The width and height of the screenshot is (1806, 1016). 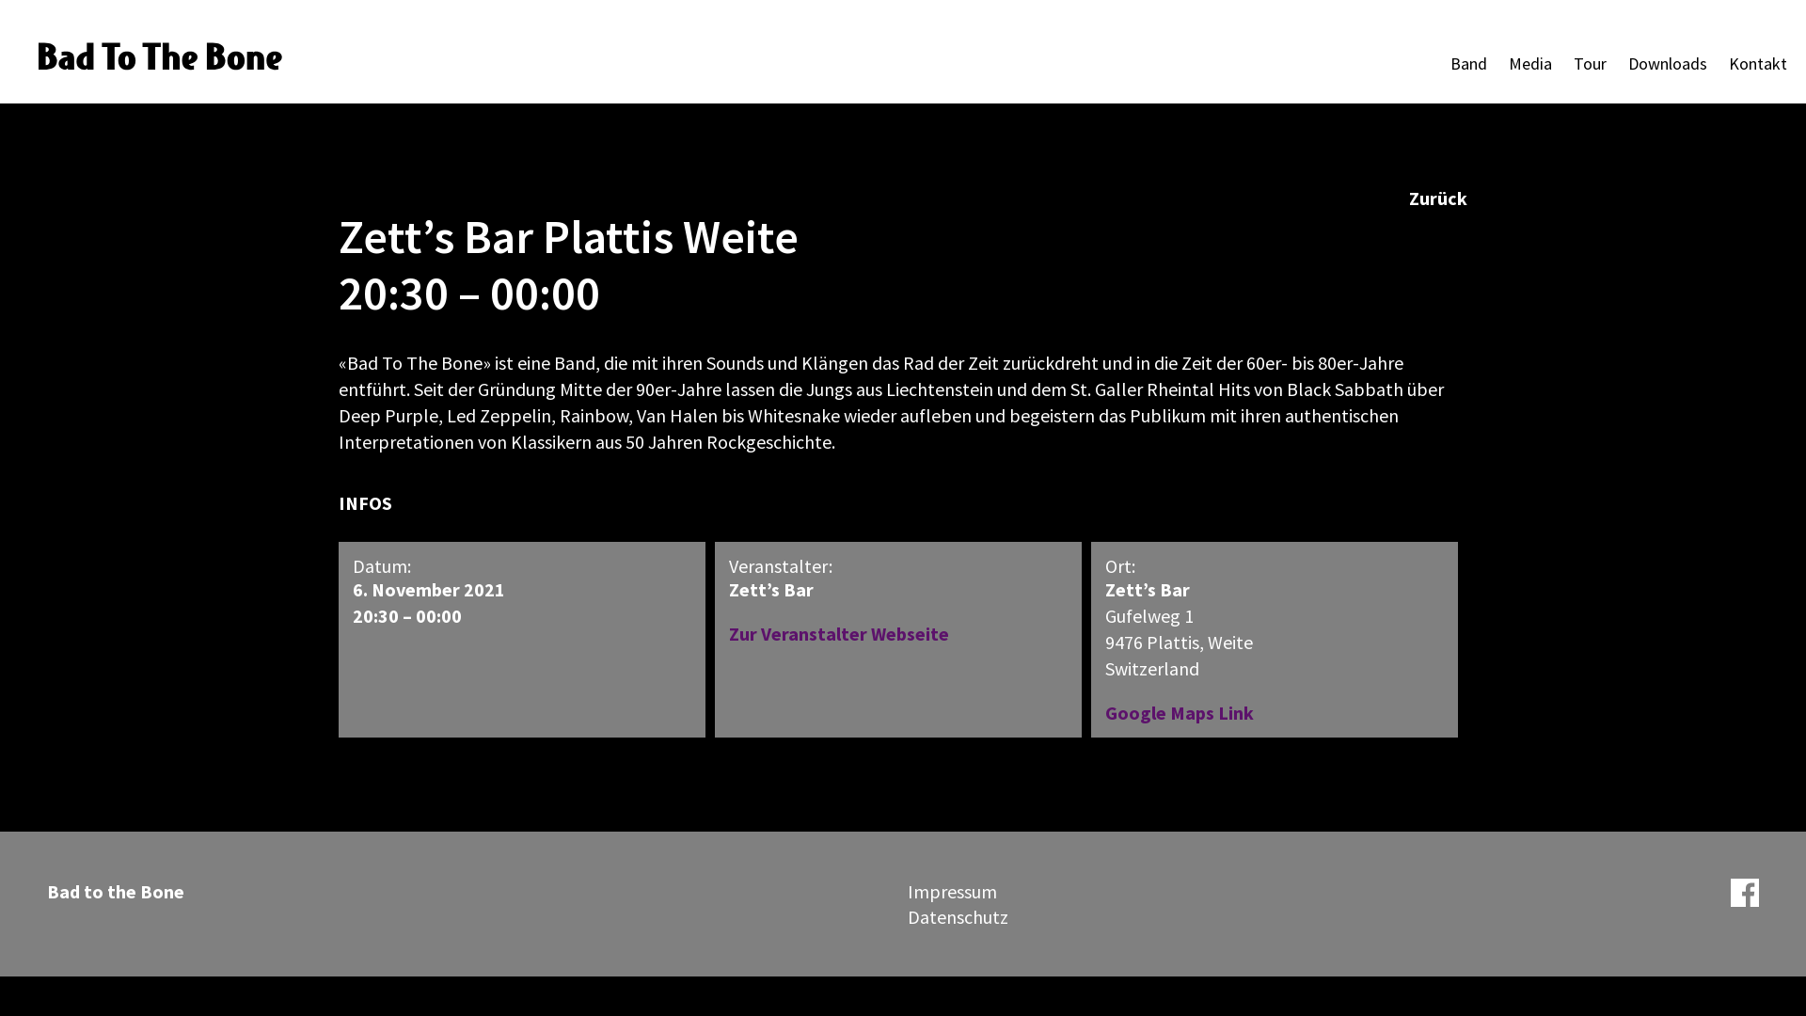 I want to click on 'Downloads', so click(x=1667, y=63).